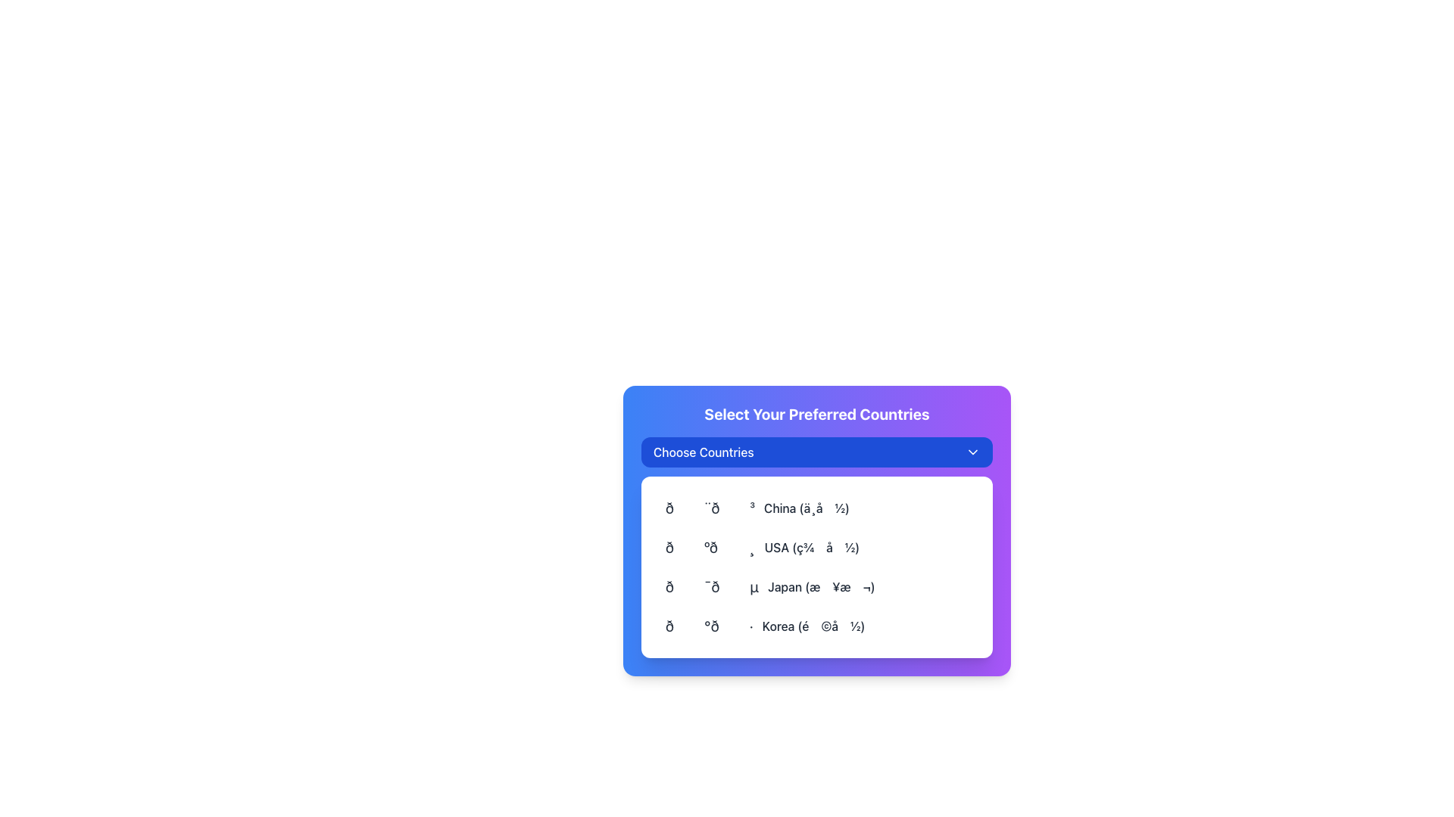 The height and width of the screenshot is (817, 1454). Describe the element at coordinates (820, 586) in the screenshot. I see `the Text Display that shows the name of the country and its native script, located in the fourth row of the dropdown menu, to the right of the country icon` at that location.